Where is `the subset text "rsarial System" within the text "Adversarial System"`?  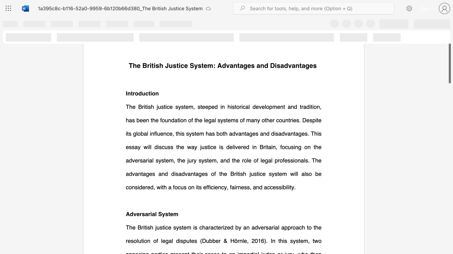 the subset text "rsarial System" within the text "Adversarial System" is located at coordinates (139, 213).